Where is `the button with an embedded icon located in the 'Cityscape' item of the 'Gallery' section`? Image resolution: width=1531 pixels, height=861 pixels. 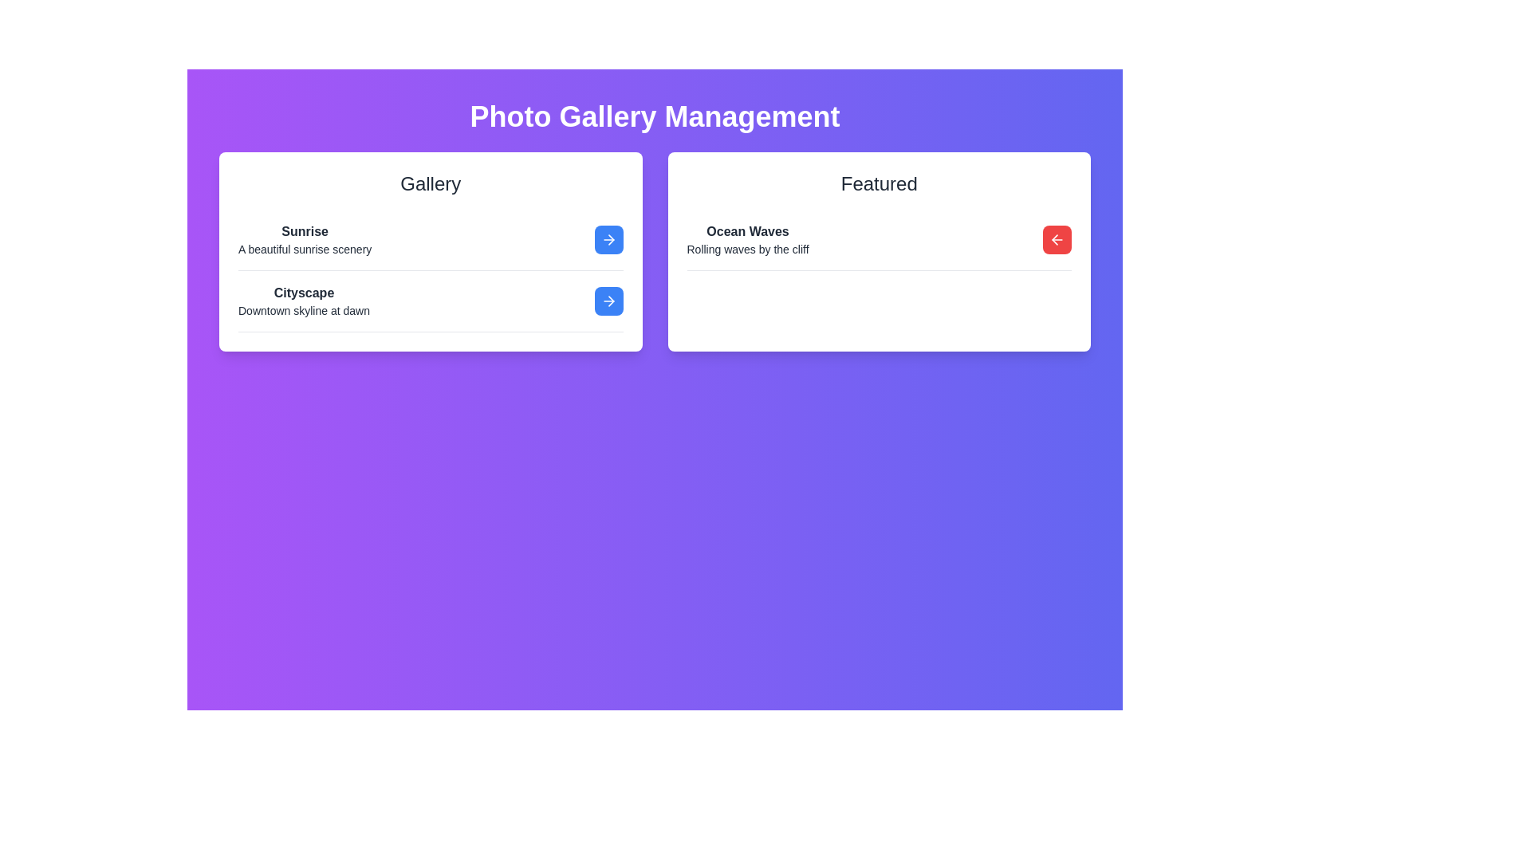 the button with an embedded icon located in the 'Cityscape' item of the 'Gallery' section is located at coordinates (608, 301).